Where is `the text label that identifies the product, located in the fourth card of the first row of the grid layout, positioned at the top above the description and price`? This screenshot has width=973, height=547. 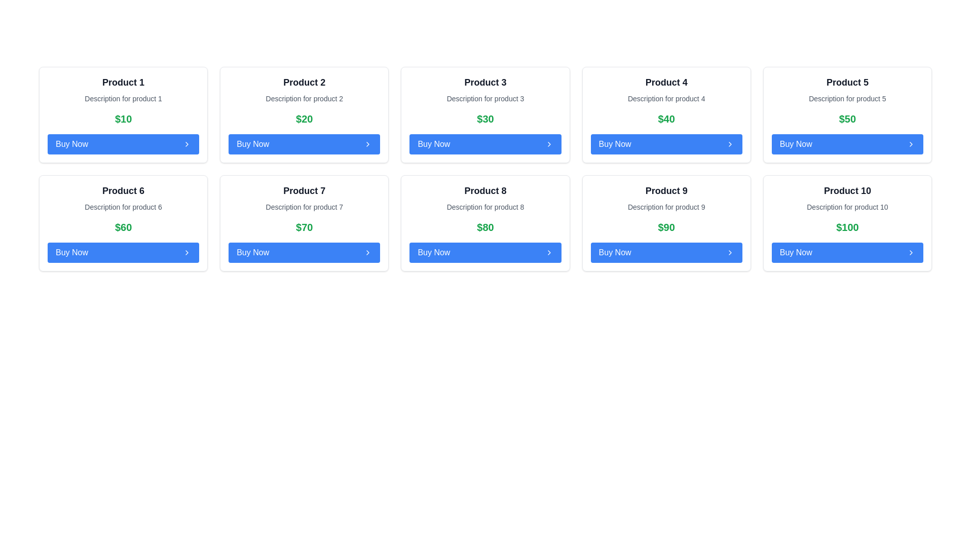 the text label that identifies the product, located in the fourth card of the first row of the grid layout, positioned at the top above the description and price is located at coordinates (666, 82).